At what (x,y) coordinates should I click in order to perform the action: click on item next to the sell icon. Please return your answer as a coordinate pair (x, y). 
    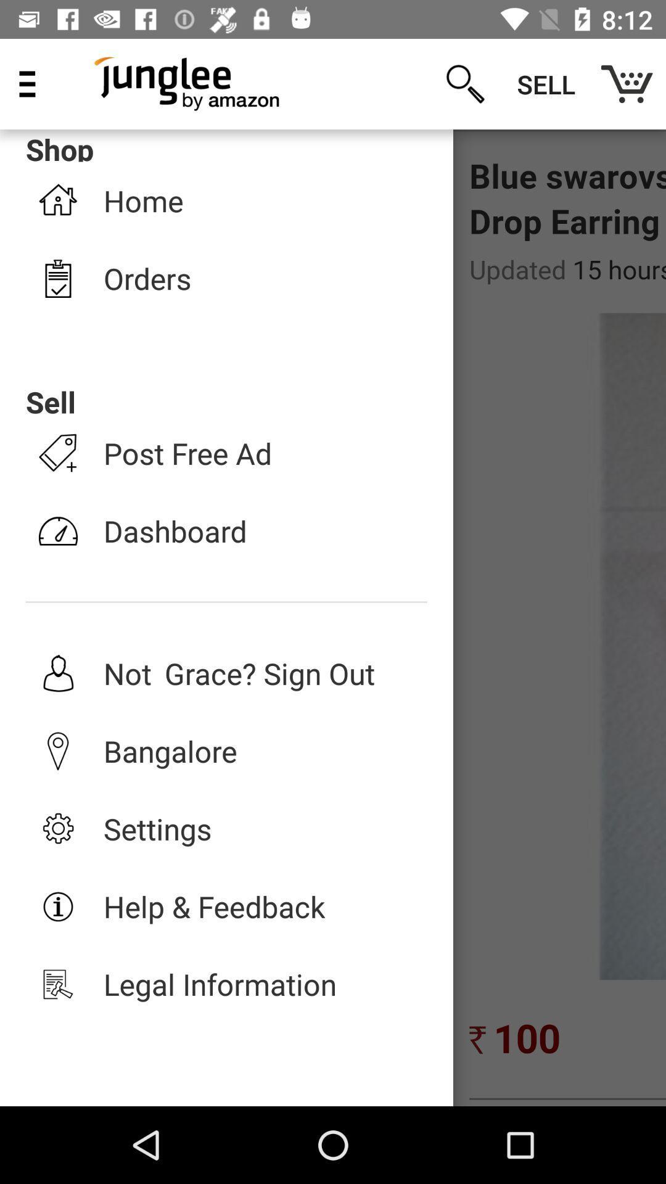
    Looking at the image, I should click on (627, 83).